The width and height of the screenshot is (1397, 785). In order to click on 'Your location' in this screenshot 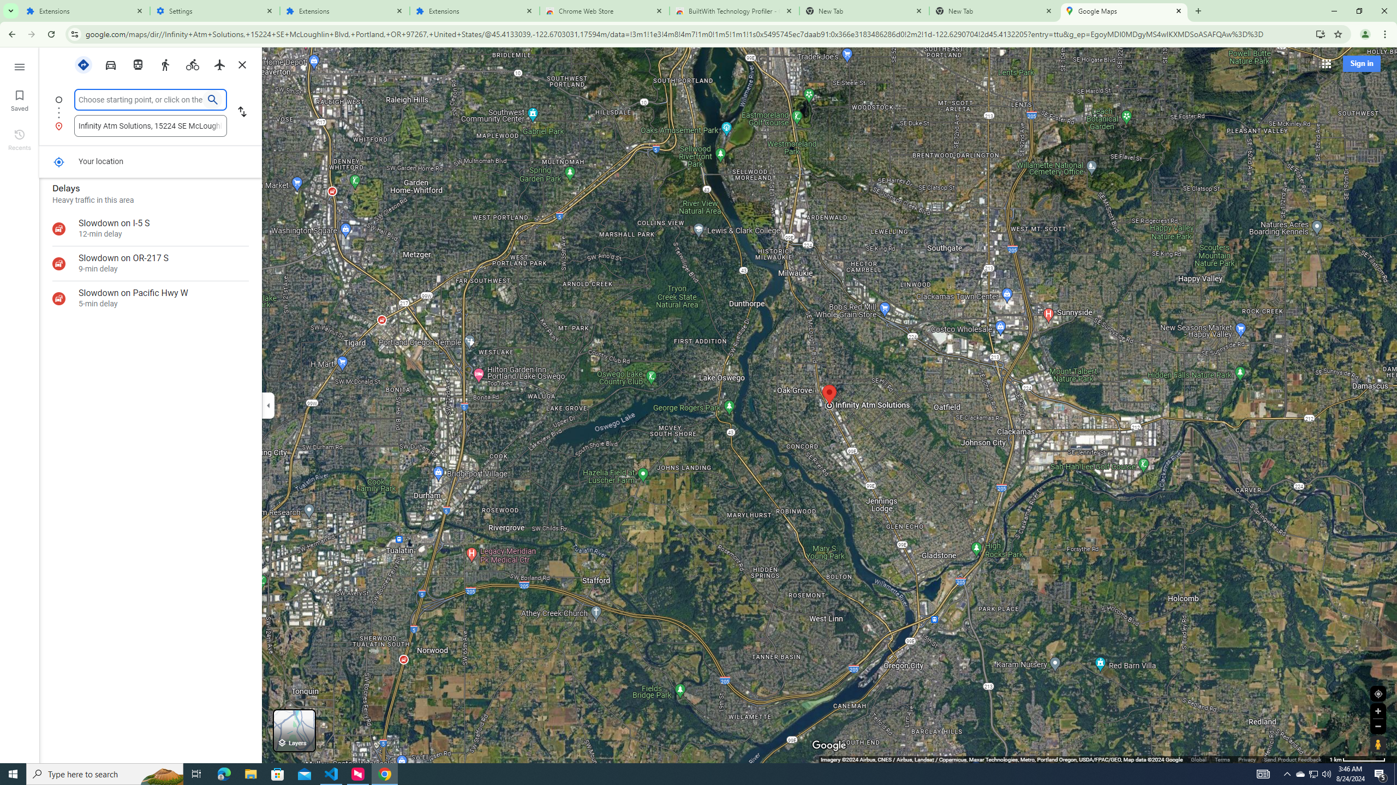, I will do `click(58, 161)`.